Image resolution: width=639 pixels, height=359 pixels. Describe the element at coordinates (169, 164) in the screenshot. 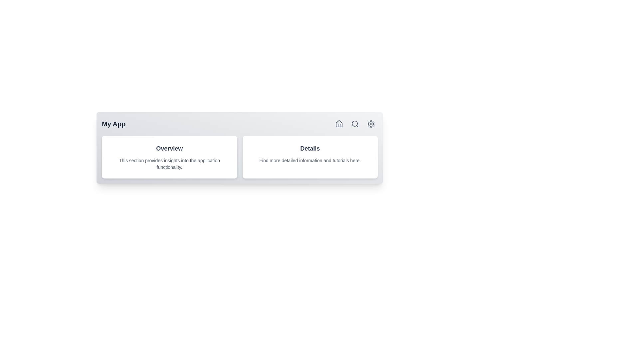

I see `the informational text label located below the 'Overview' heading, which provides additional details about the section` at that location.